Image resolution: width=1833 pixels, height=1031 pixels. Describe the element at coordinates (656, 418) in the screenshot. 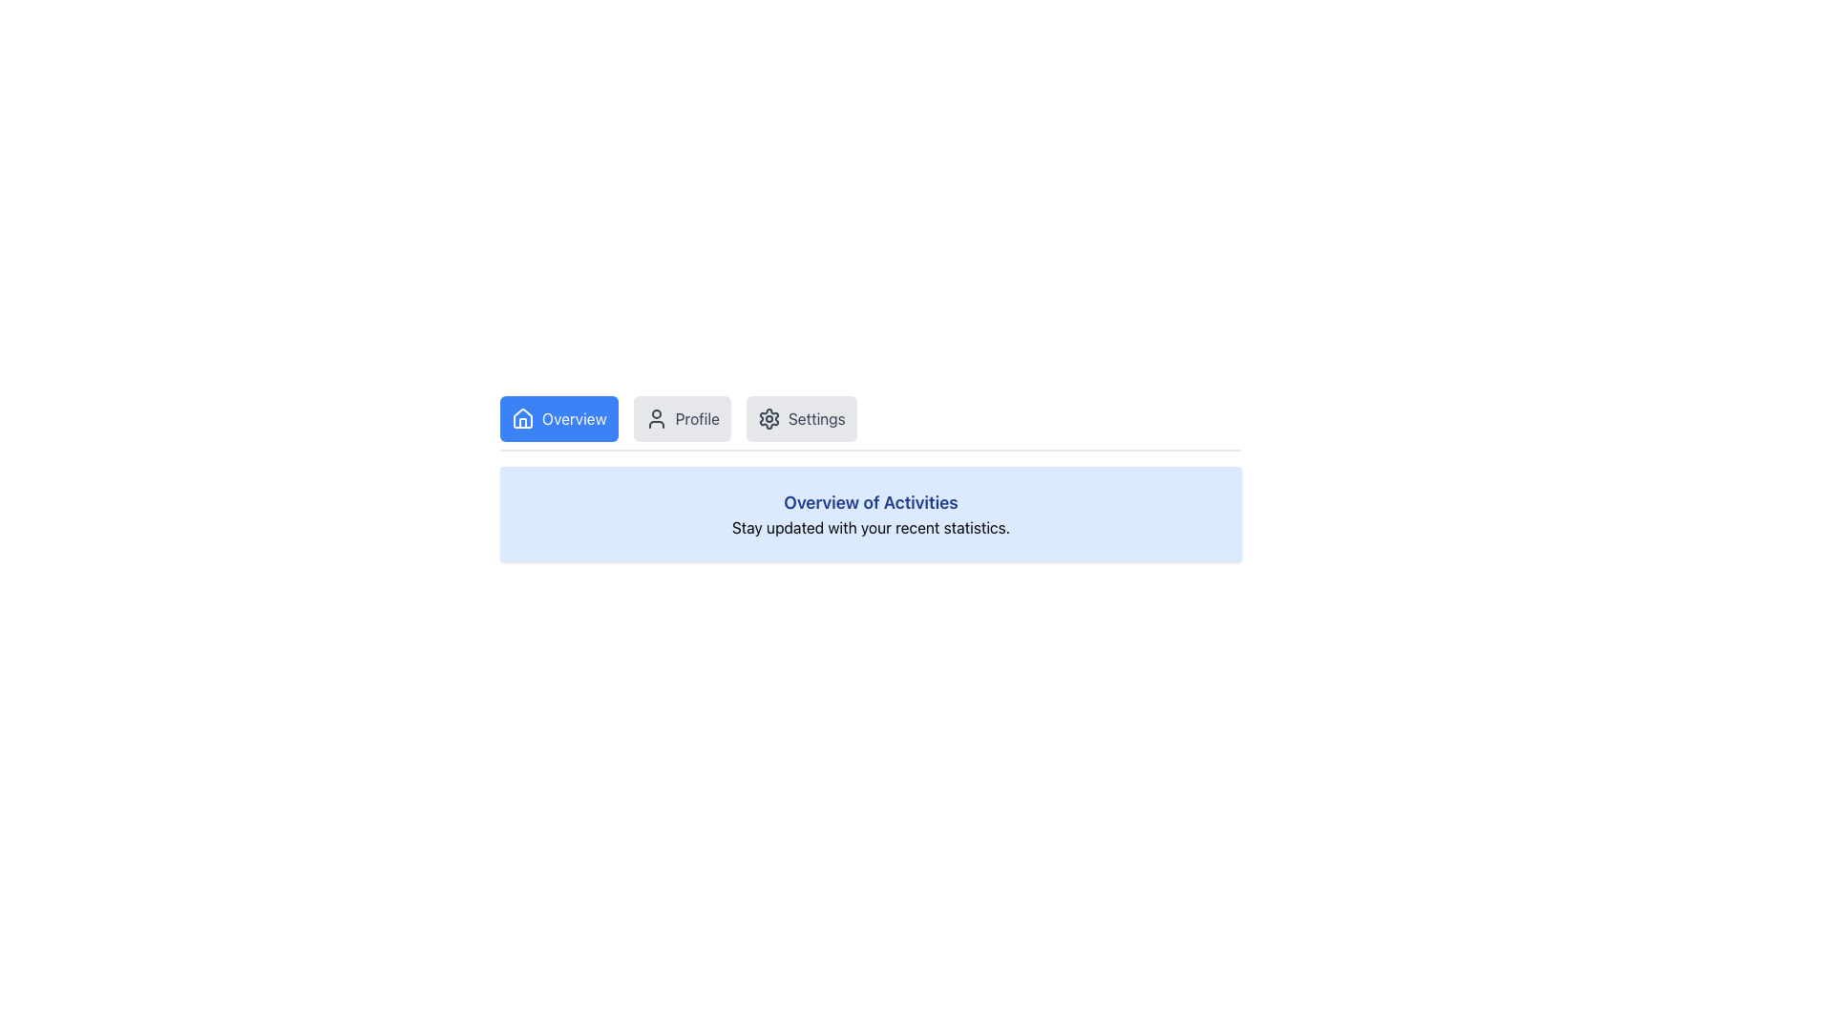

I see `the user icon SVG graphic, which is the leftmost sub-element within the 'Profile' button` at that location.